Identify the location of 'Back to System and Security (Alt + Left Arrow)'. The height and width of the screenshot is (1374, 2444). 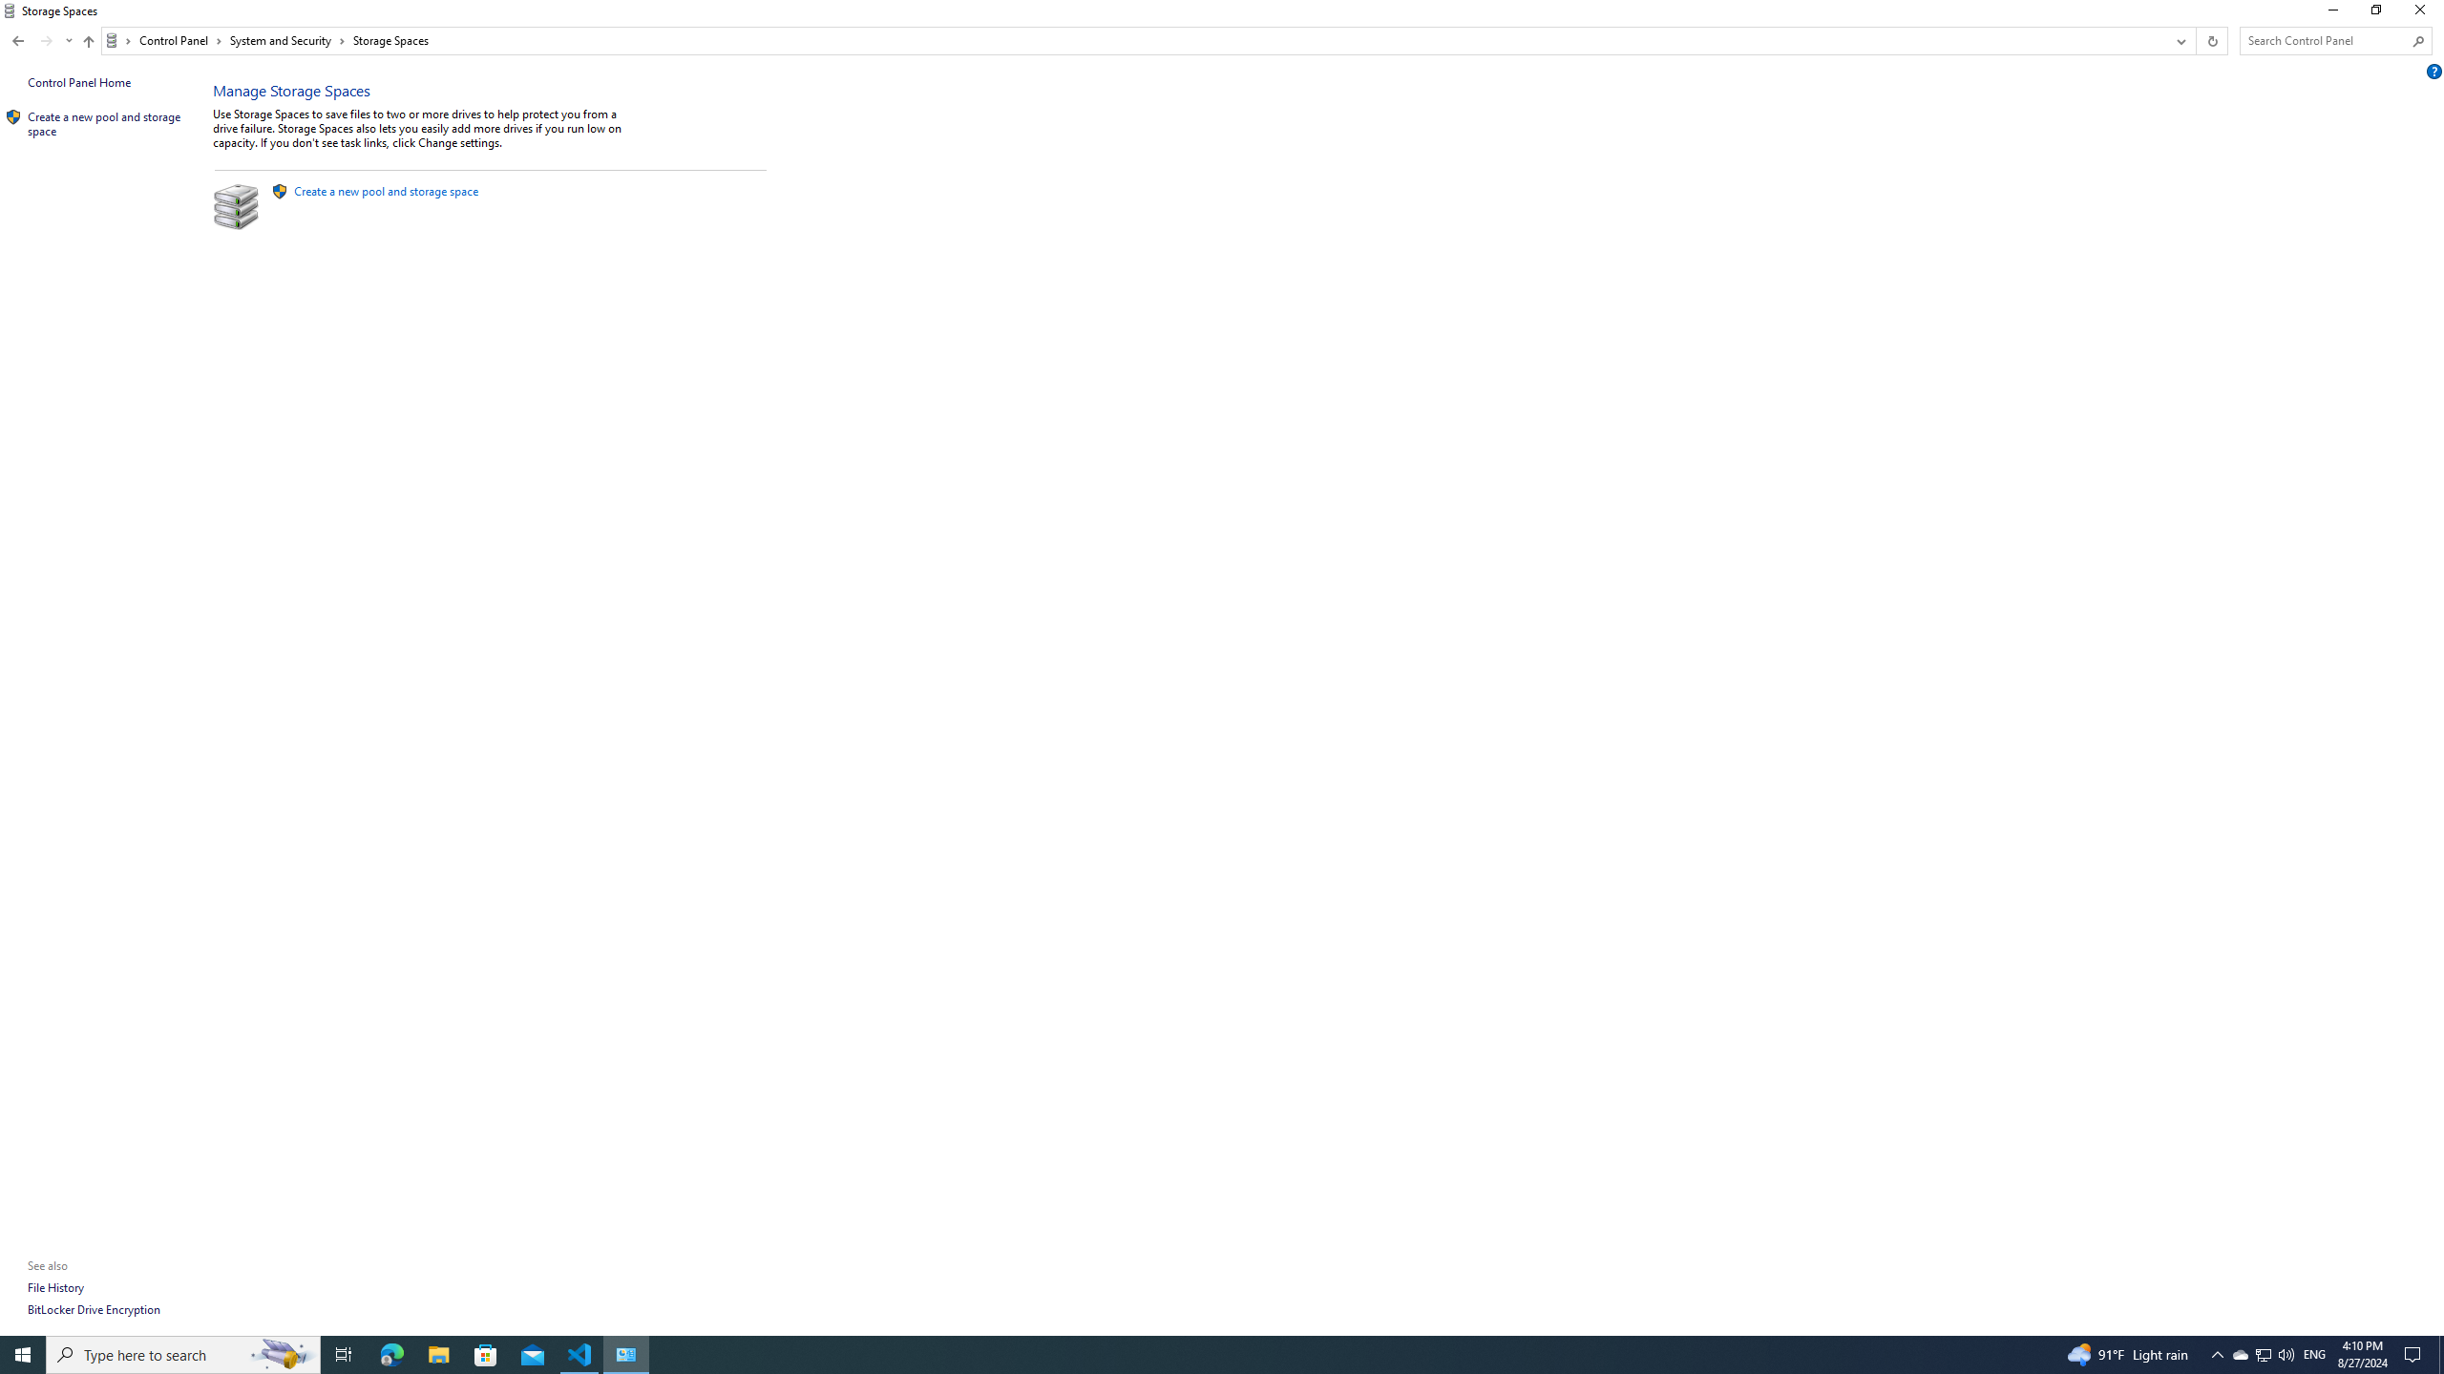
(18, 40).